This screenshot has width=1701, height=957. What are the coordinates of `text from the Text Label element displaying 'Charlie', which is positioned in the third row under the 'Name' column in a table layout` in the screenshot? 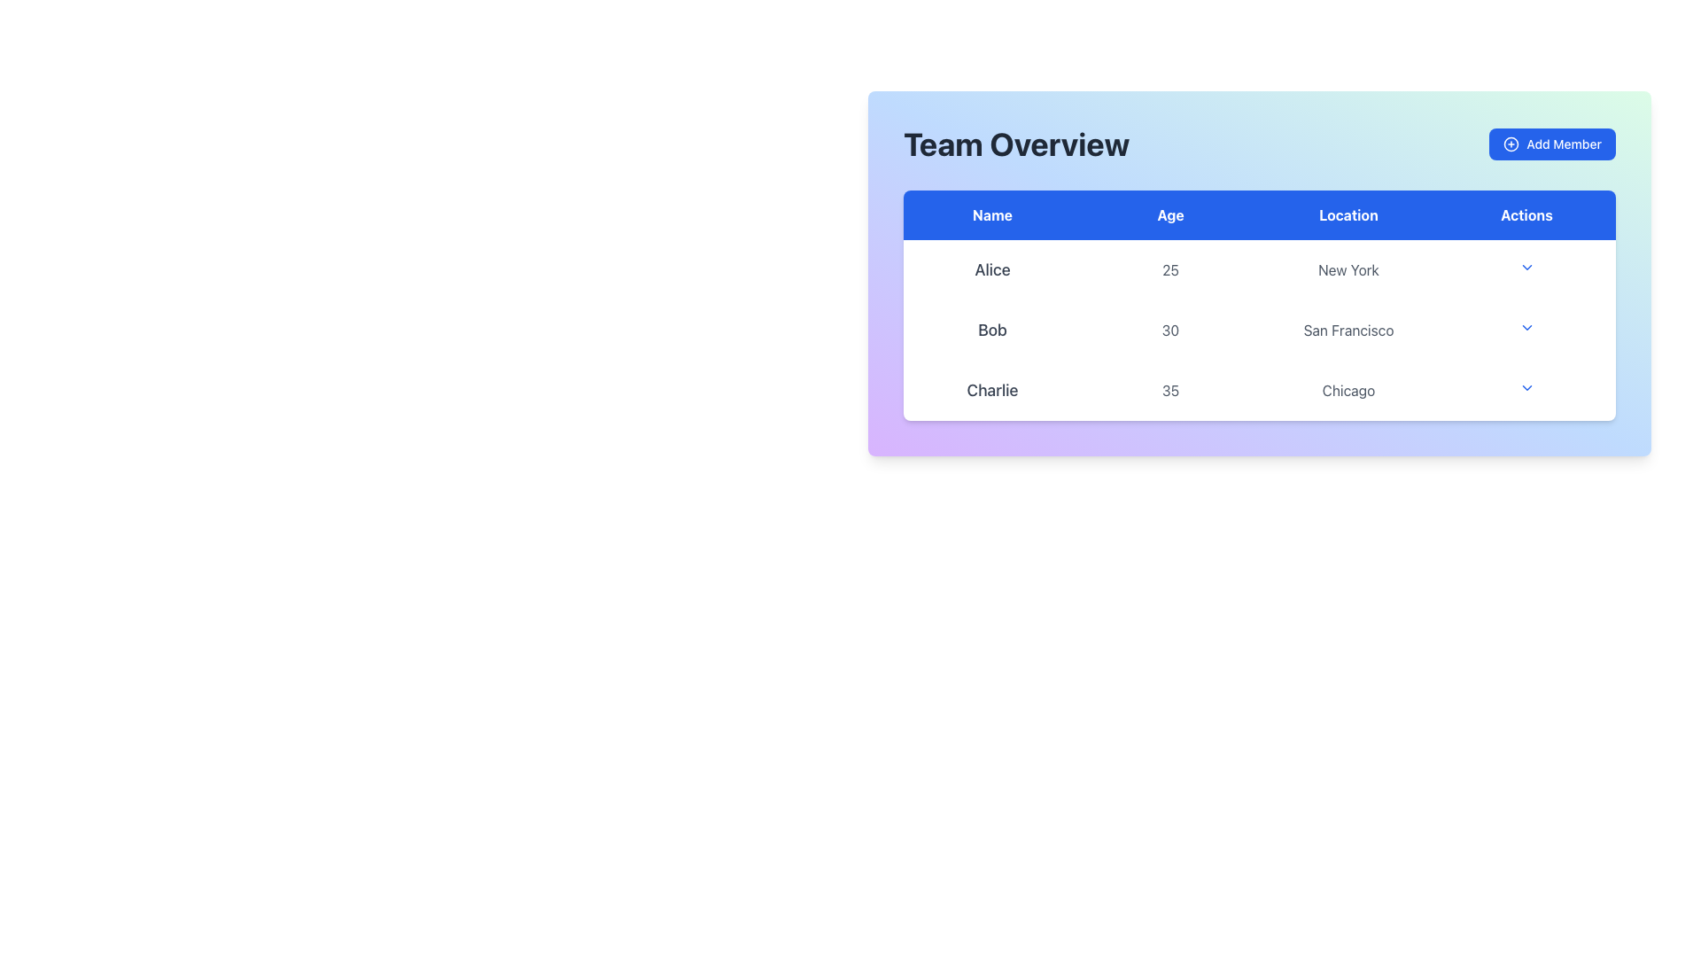 It's located at (992, 389).